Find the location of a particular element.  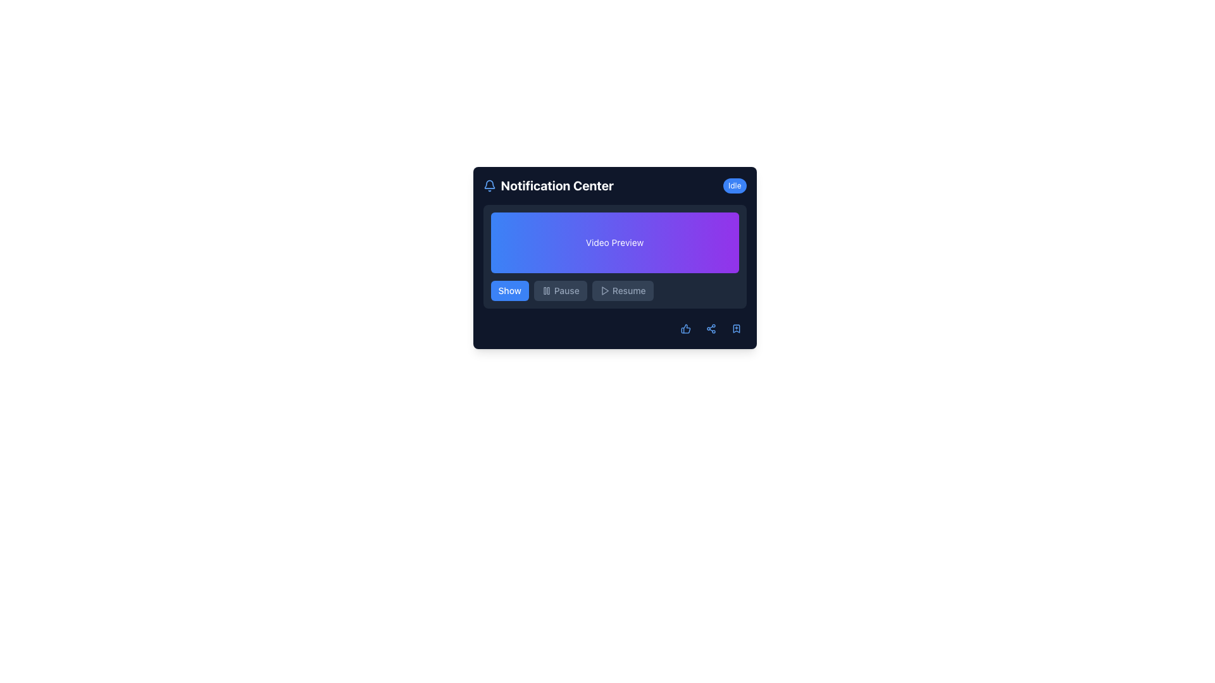

the 'Resume' button with a dark slate background and light gray text, featuring a triangular play icon on its left side is located at coordinates (623, 290).